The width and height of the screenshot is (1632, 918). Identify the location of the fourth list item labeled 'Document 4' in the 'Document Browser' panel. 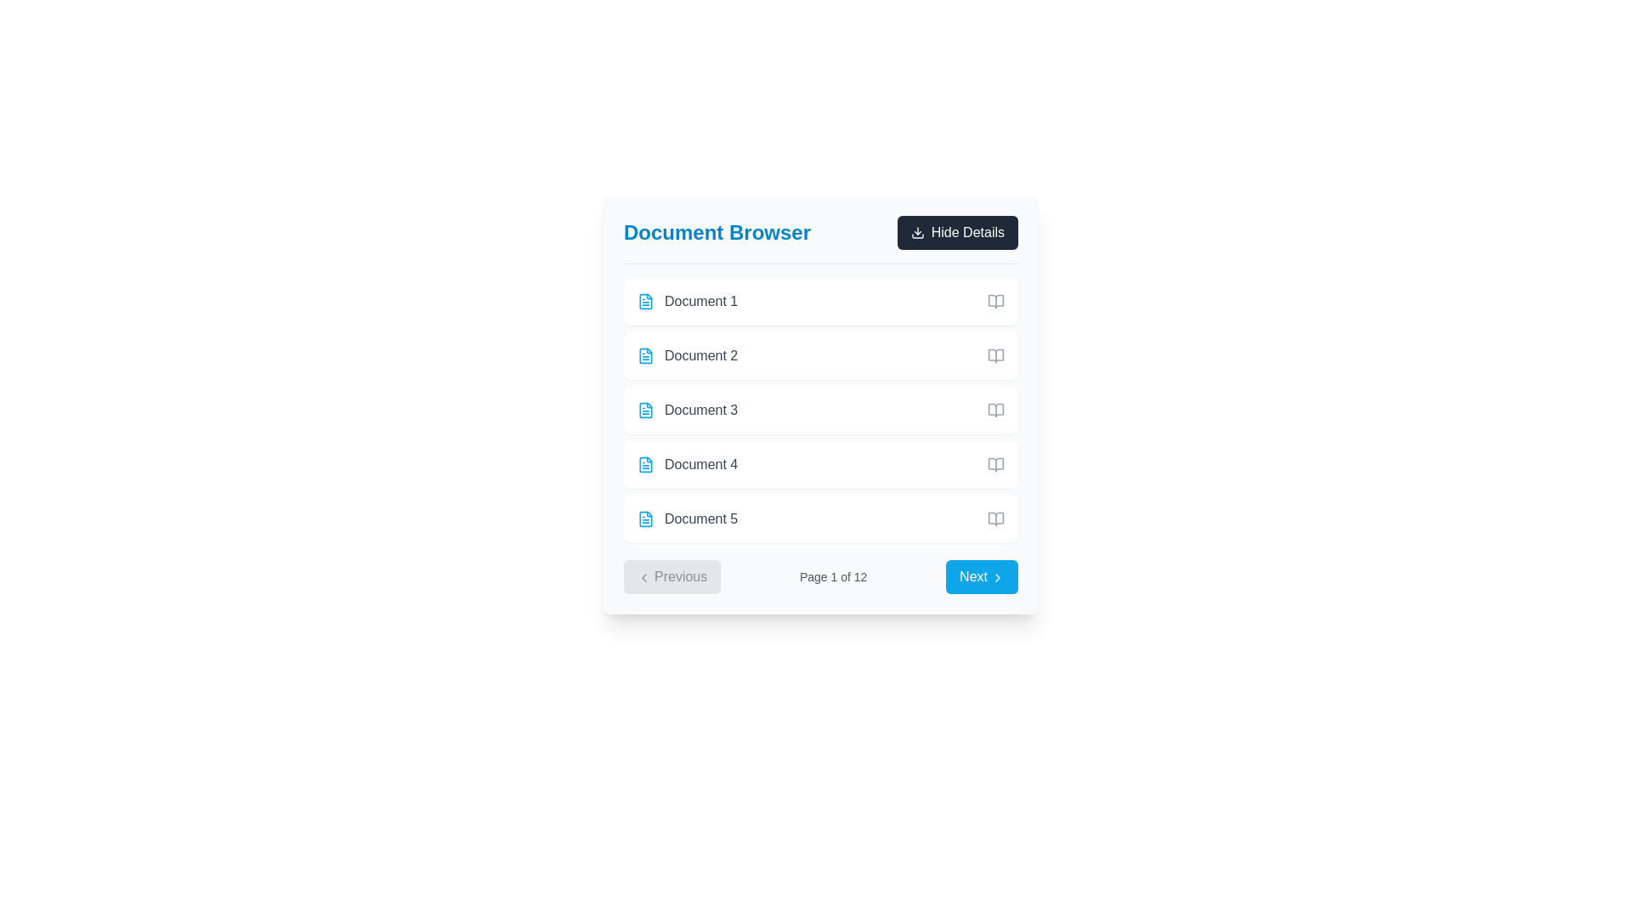
(688, 465).